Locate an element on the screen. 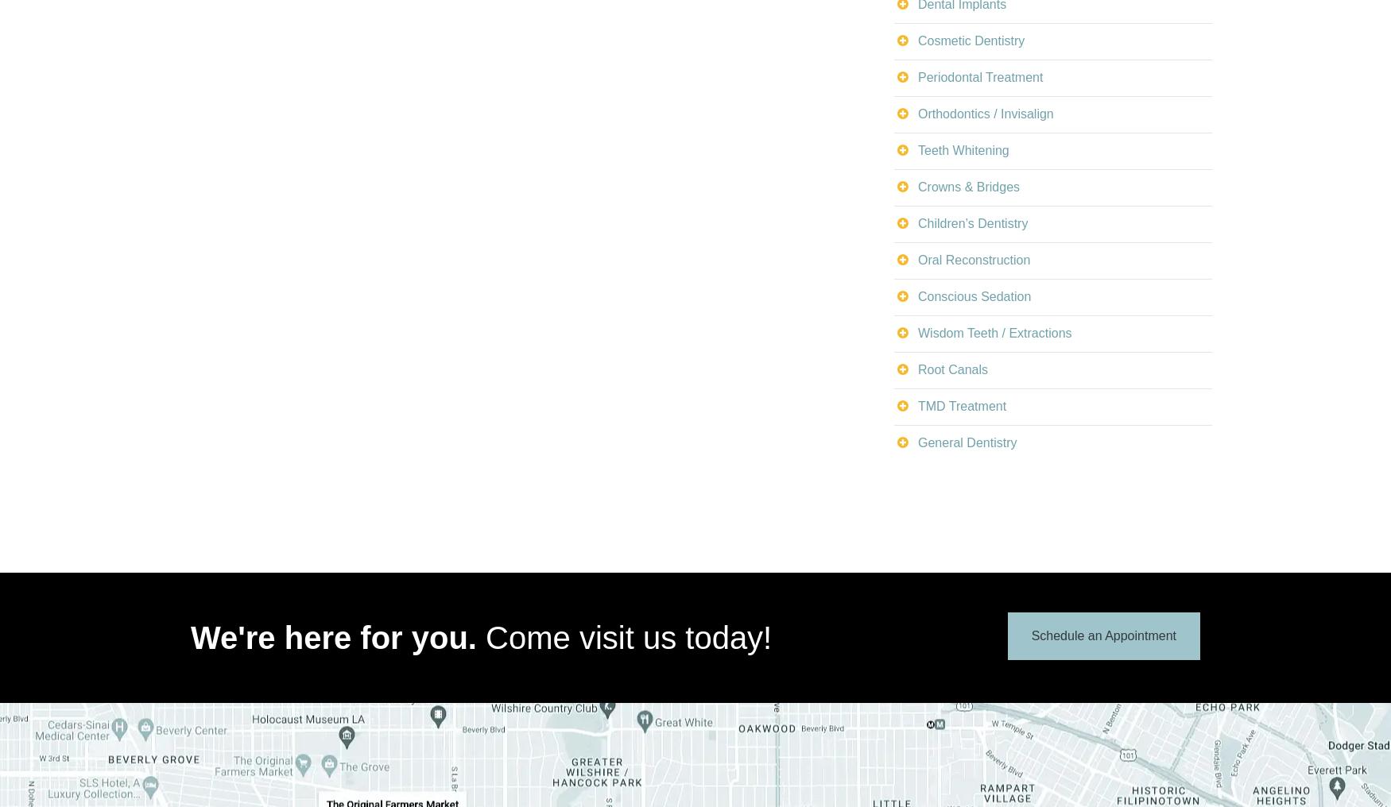 The width and height of the screenshot is (1391, 807). 'General Dentistry' is located at coordinates (967, 441).